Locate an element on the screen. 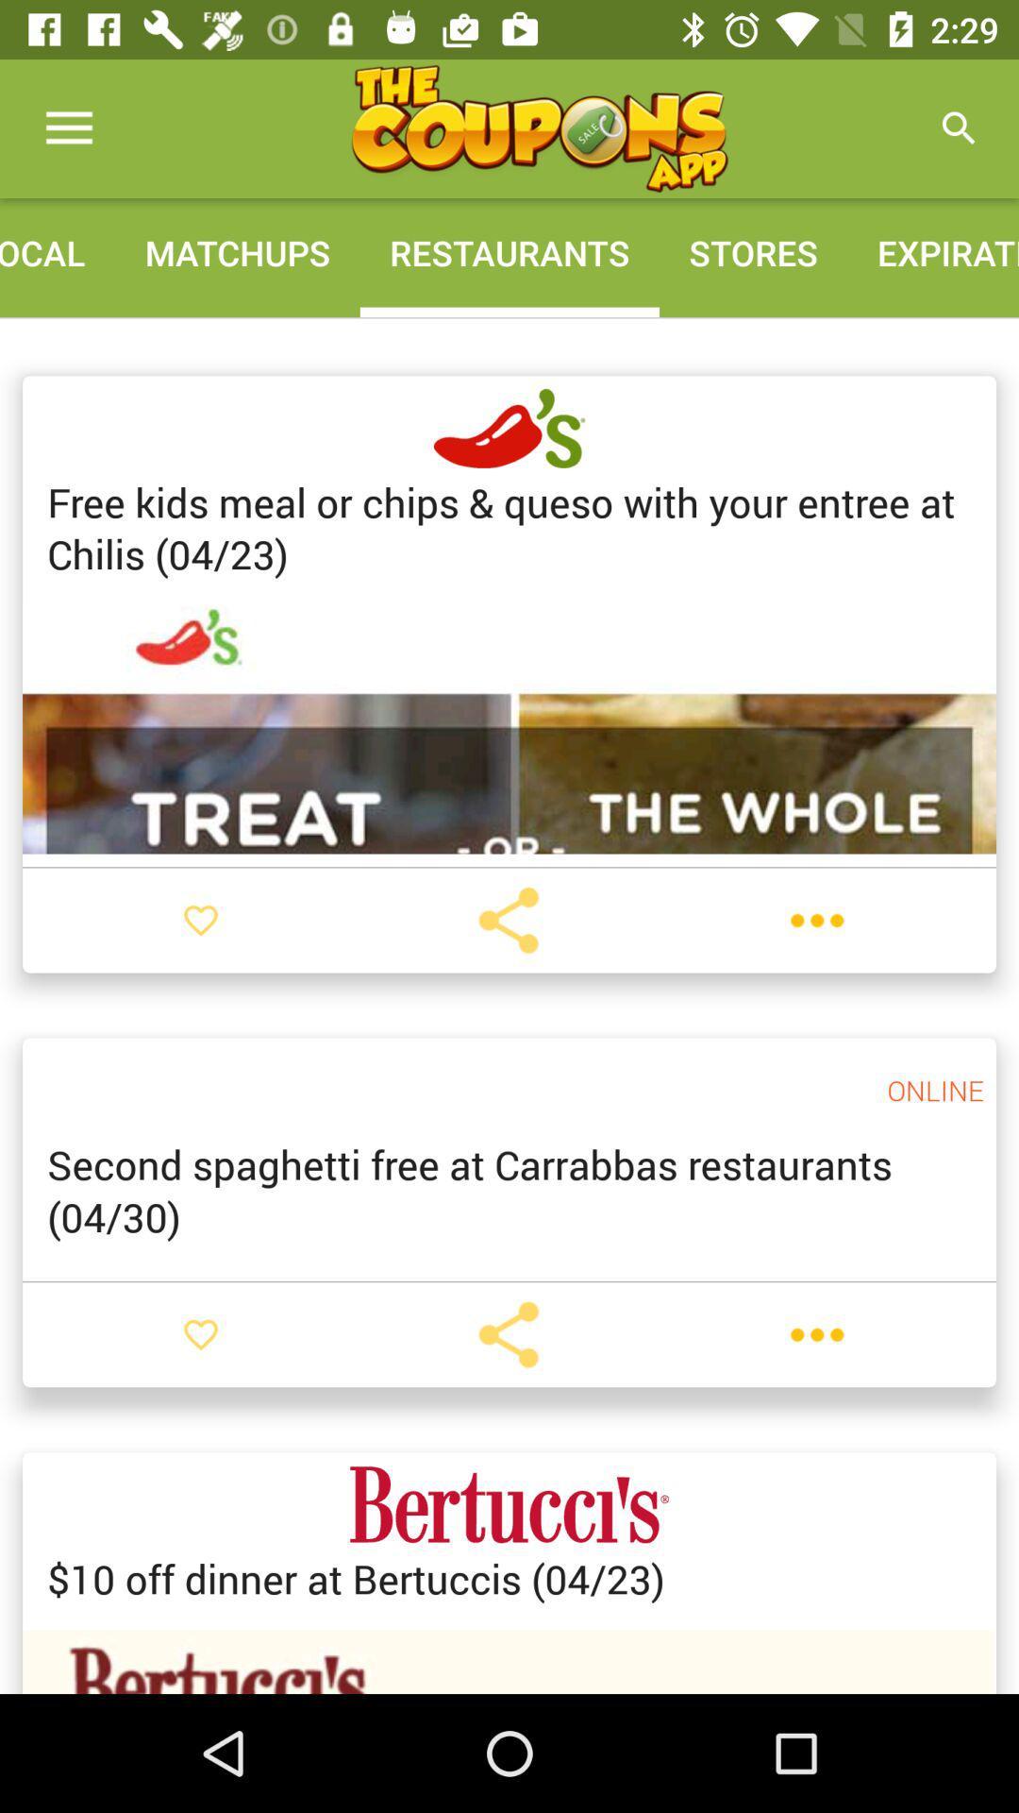 The width and height of the screenshot is (1019, 1813). the local icon is located at coordinates (57, 251).